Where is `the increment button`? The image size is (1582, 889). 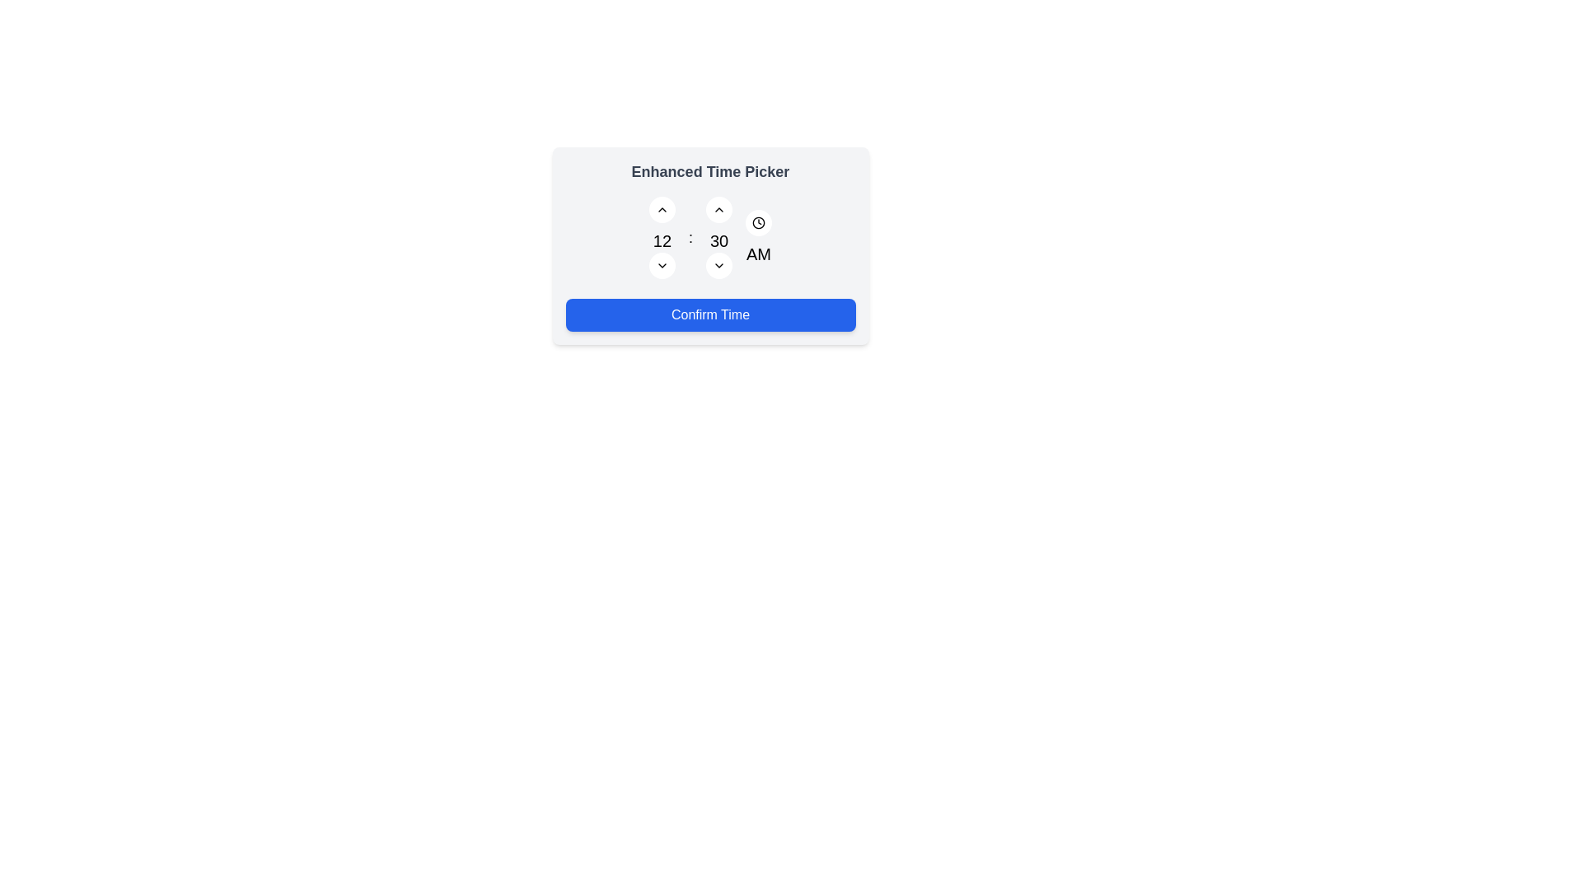 the increment button is located at coordinates (662, 208).